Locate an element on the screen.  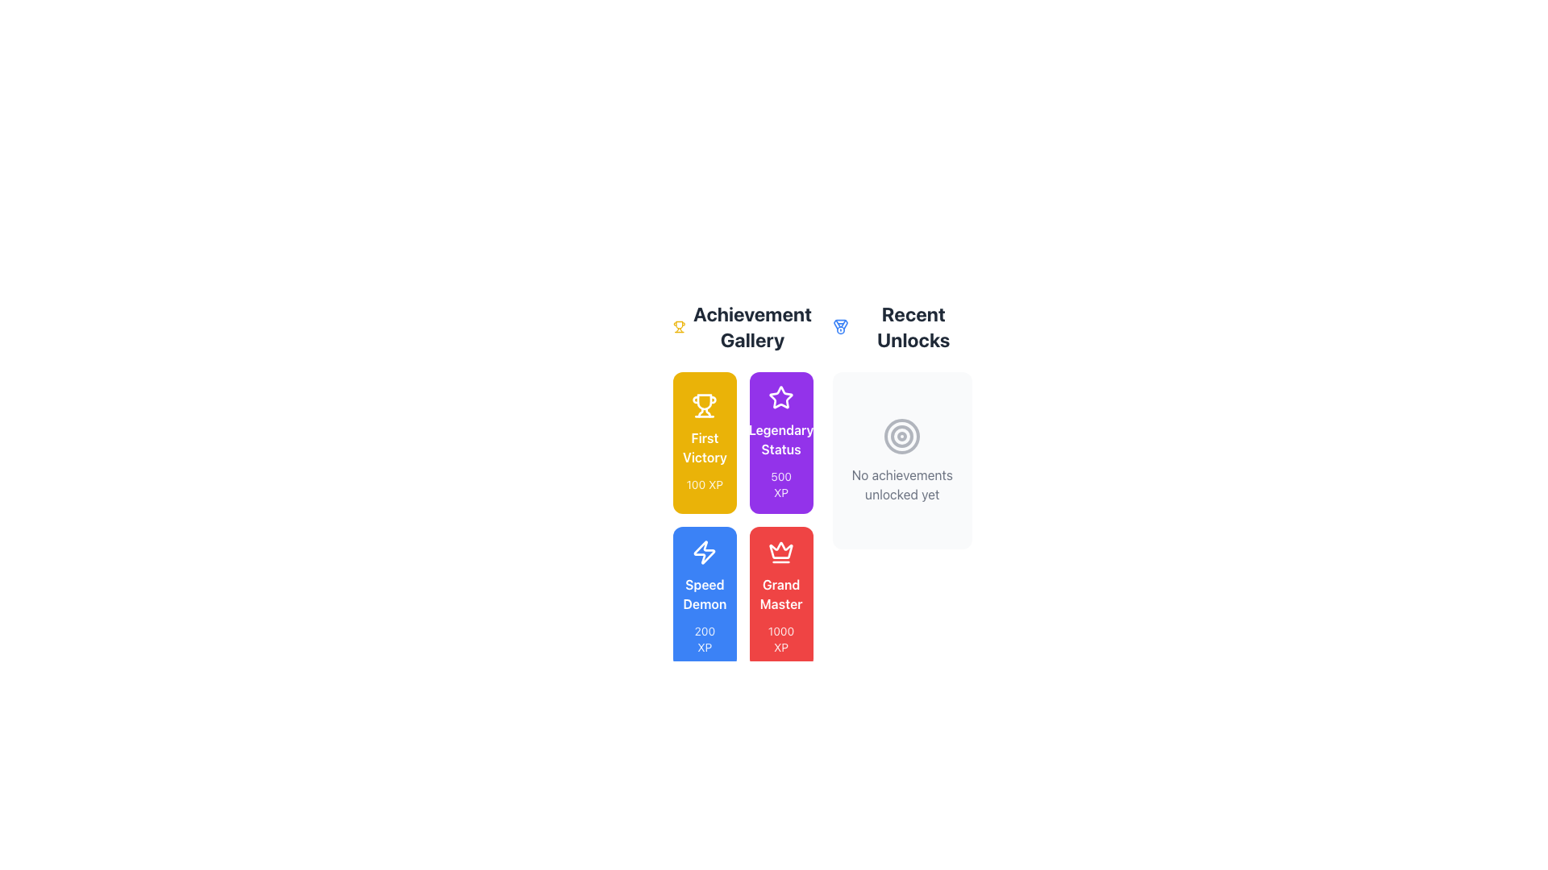
the text label displaying '1000 XP' located at the bottom-right of the red card labeled 'Grand Master' is located at coordinates (781, 639).